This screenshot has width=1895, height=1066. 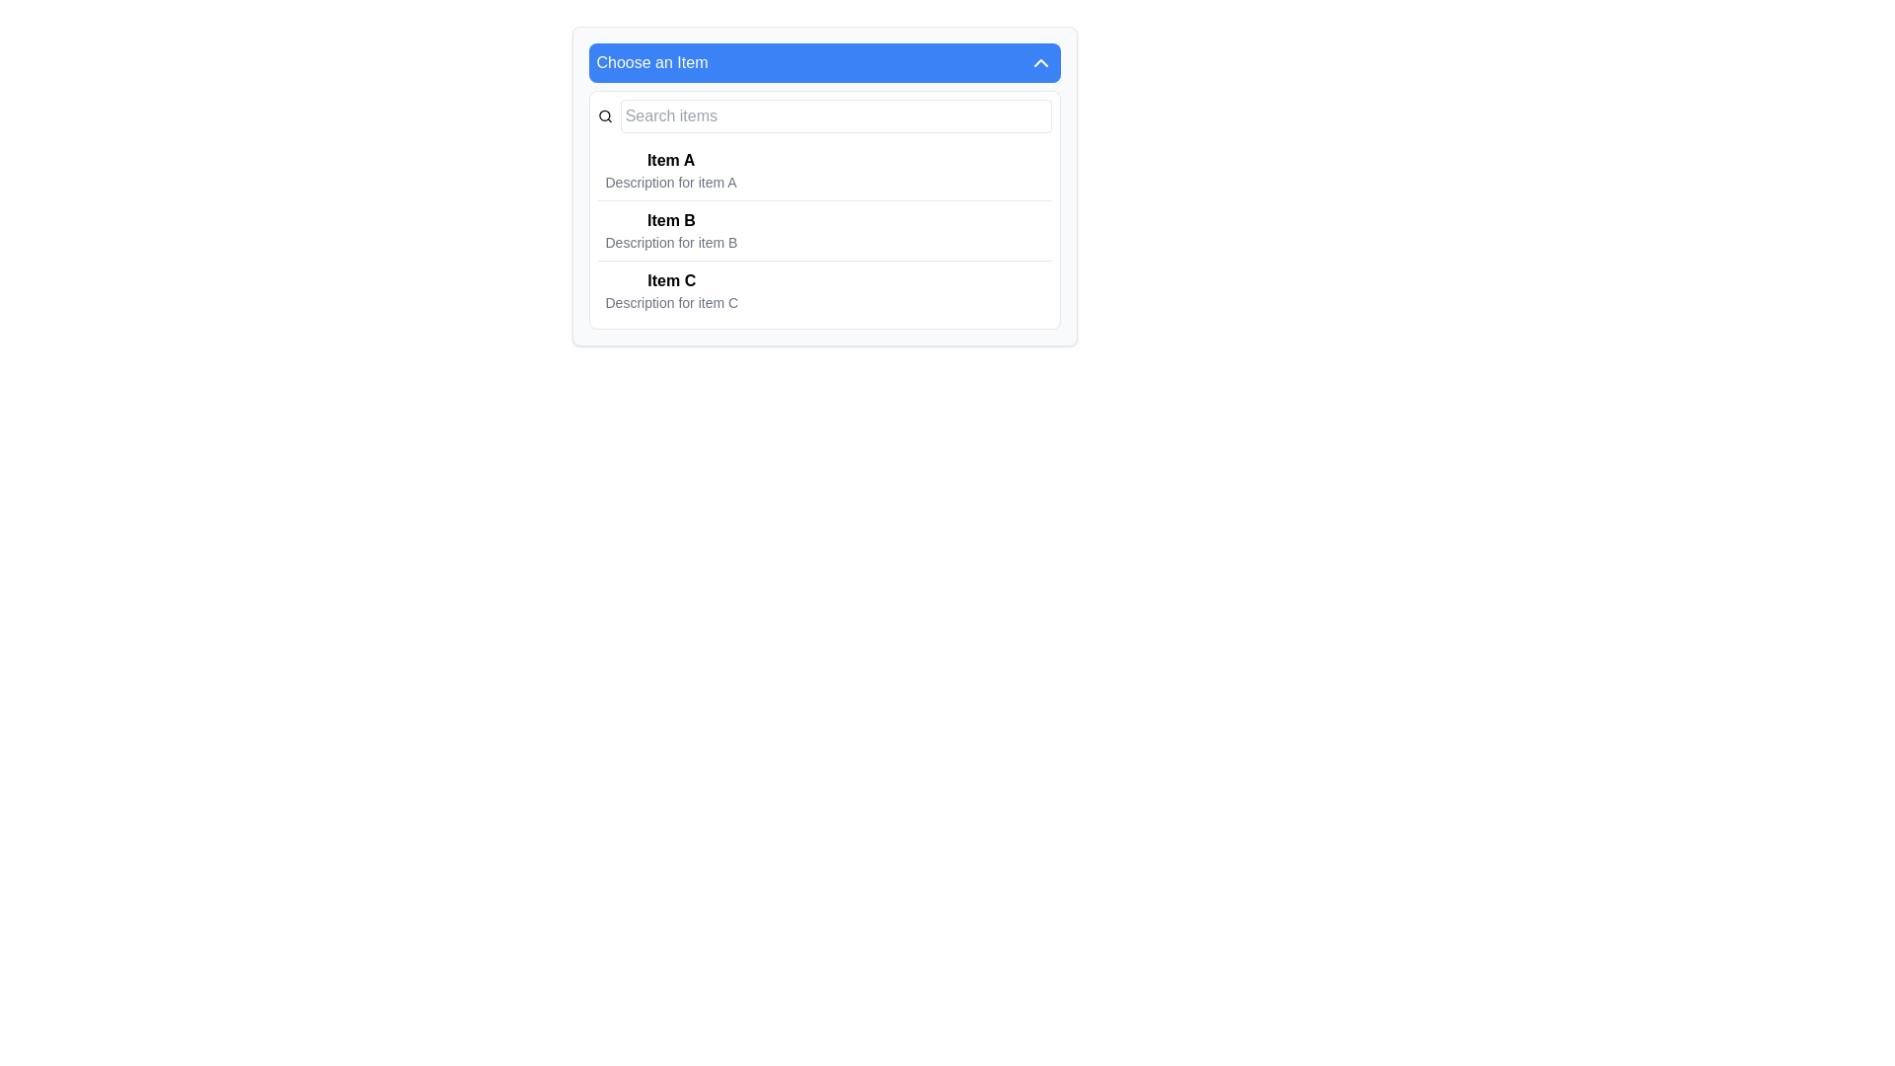 I want to click on the icon that toggles the expanded or collapsed state of the 'Choose an Item' dropdown menu located at the top-right corner of the blue header bar, so click(x=1039, y=62).